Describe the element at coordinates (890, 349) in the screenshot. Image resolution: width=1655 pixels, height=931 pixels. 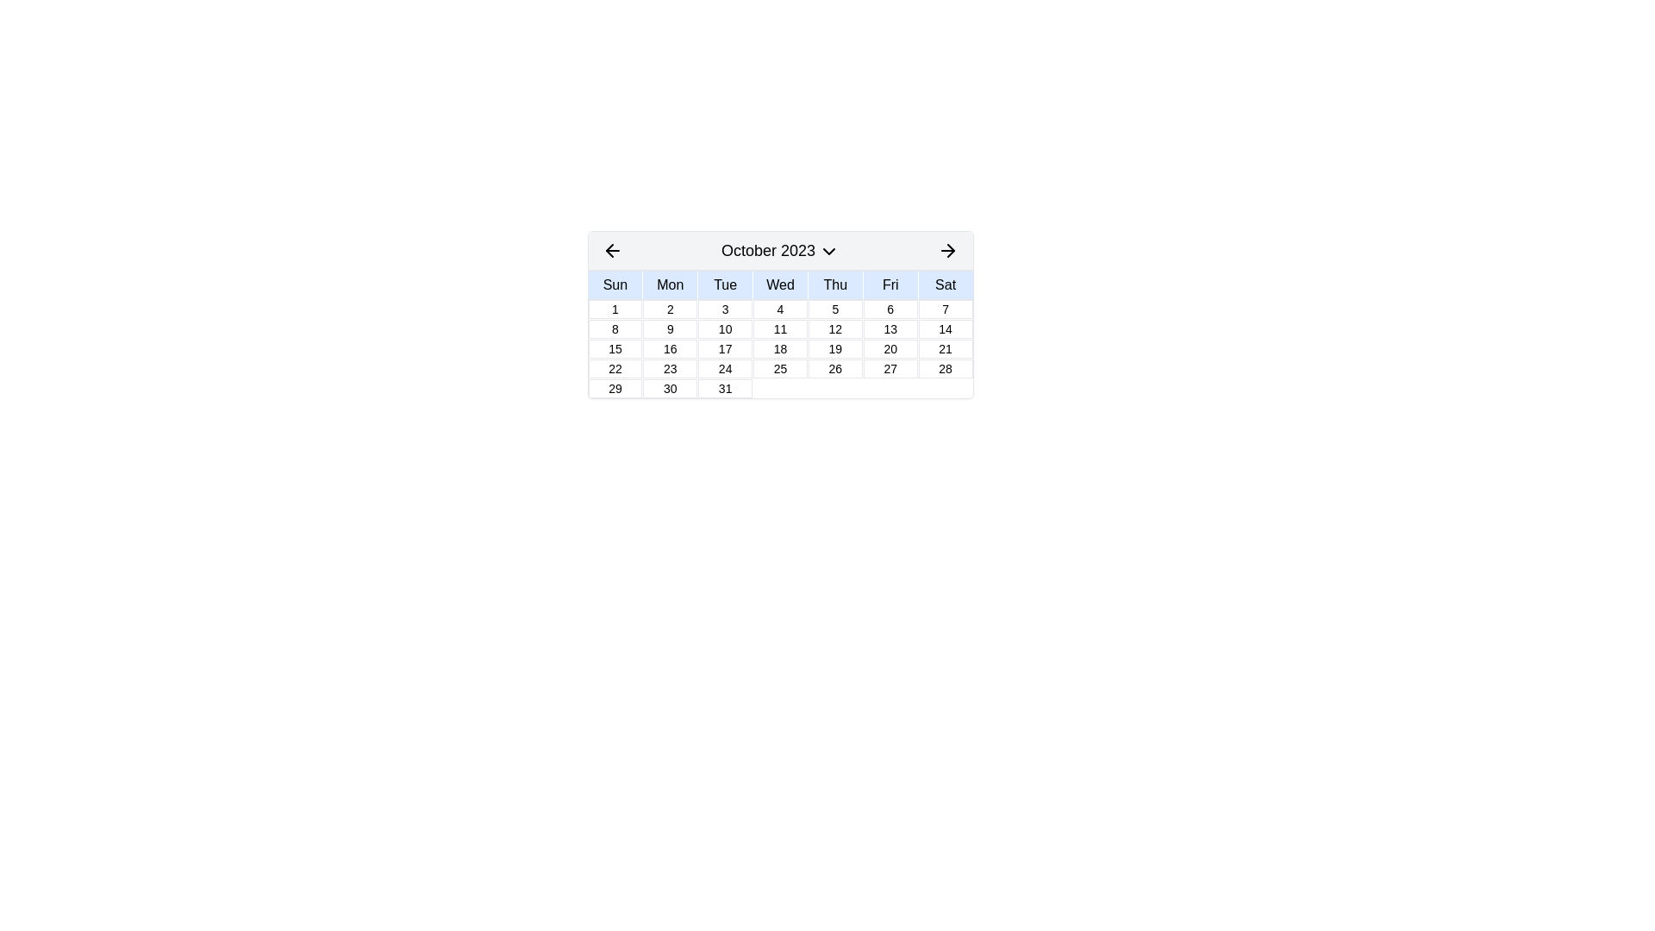
I see `text '20' displayed in a small-sized font within the calendar layout, located in the fifth column of the fourth row, representing the date '20' in October 2023` at that location.